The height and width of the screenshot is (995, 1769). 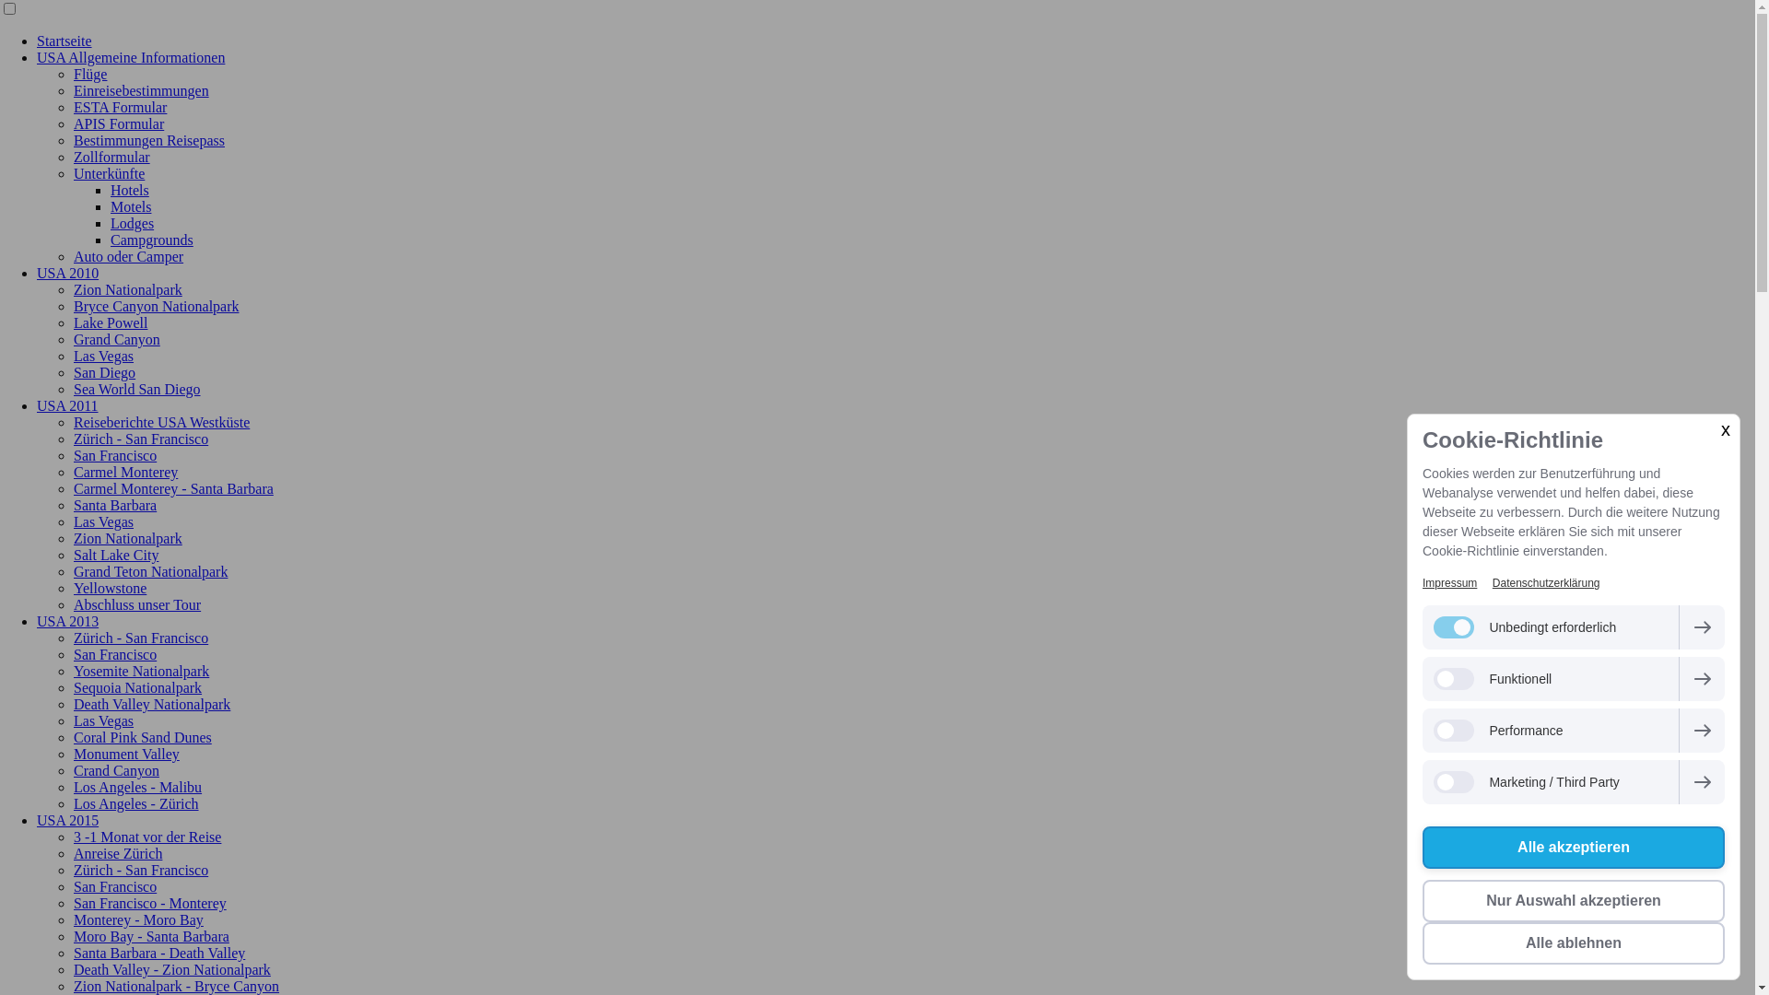 I want to click on 'USA 2013', so click(x=36, y=621).